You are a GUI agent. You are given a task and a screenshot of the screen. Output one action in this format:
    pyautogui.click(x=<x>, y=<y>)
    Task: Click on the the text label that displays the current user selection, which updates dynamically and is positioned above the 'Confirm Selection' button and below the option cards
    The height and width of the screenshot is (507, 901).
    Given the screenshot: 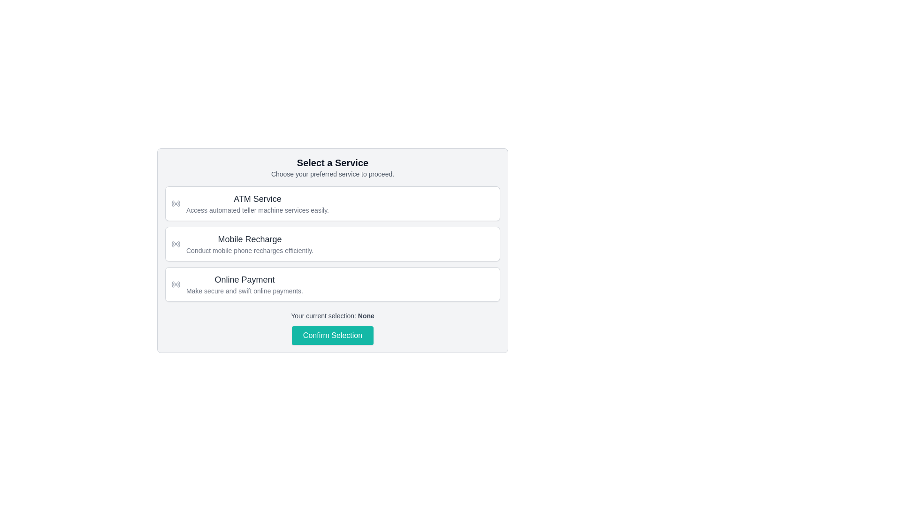 What is the action you would take?
    pyautogui.click(x=333, y=315)
    